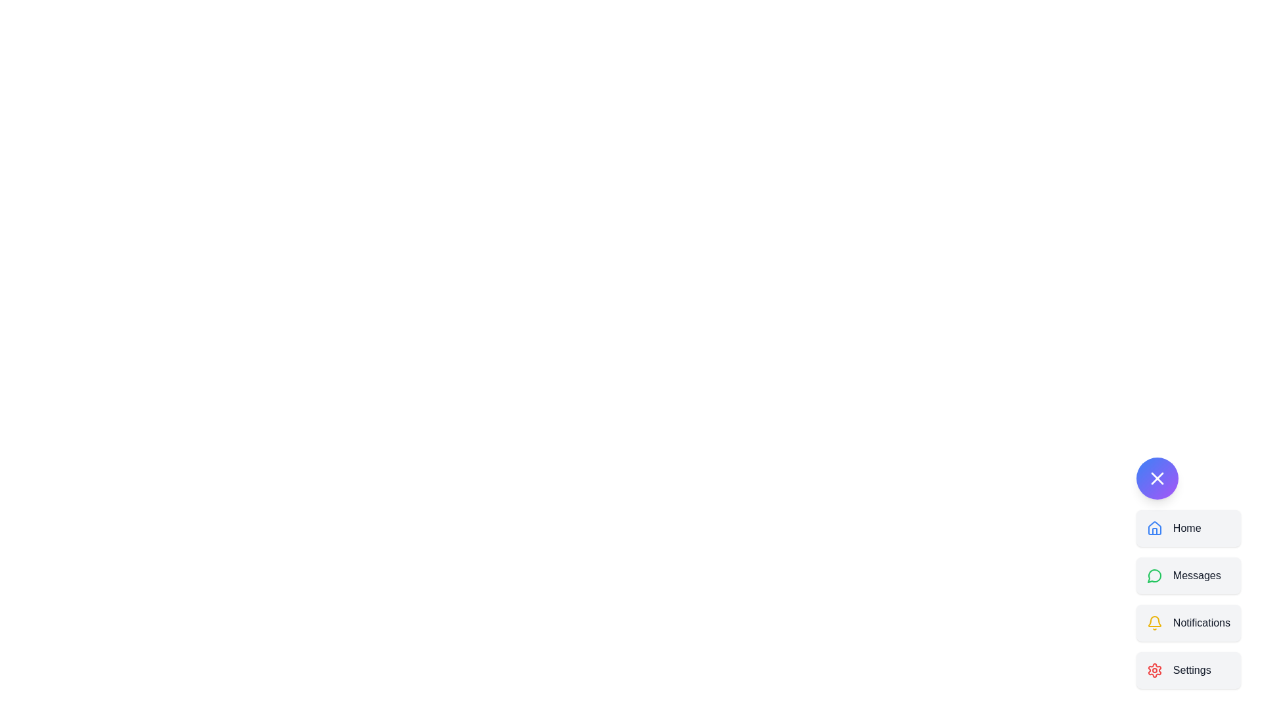 This screenshot has height=710, width=1262. I want to click on the blue outlined house icon located to the left of the 'Home' text label in the vertical navigation menu, so click(1154, 527).